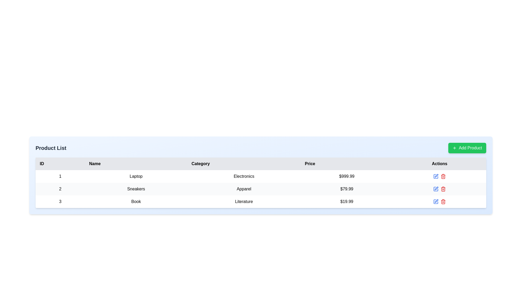 The height and width of the screenshot is (284, 506). What do you see at coordinates (440, 176) in the screenshot?
I see `the red delete icon in the Actions column of the first row of the table for the product 'Laptop' with ID '1'` at bounding box center [440, 176].